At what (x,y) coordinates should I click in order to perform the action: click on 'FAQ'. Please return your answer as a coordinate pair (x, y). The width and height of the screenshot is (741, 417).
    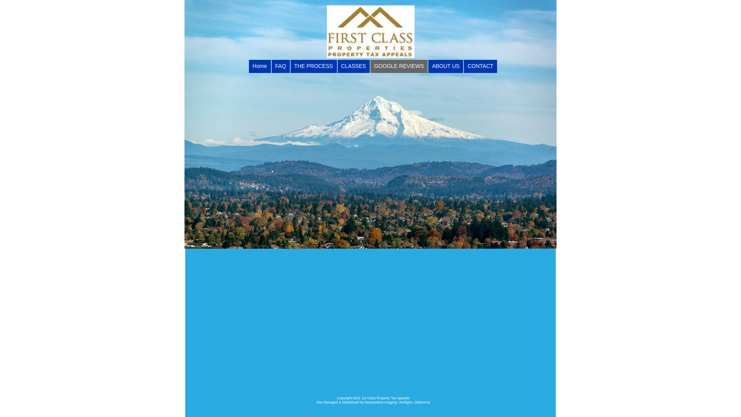
    Looking at the image, I should click on (280, 66).